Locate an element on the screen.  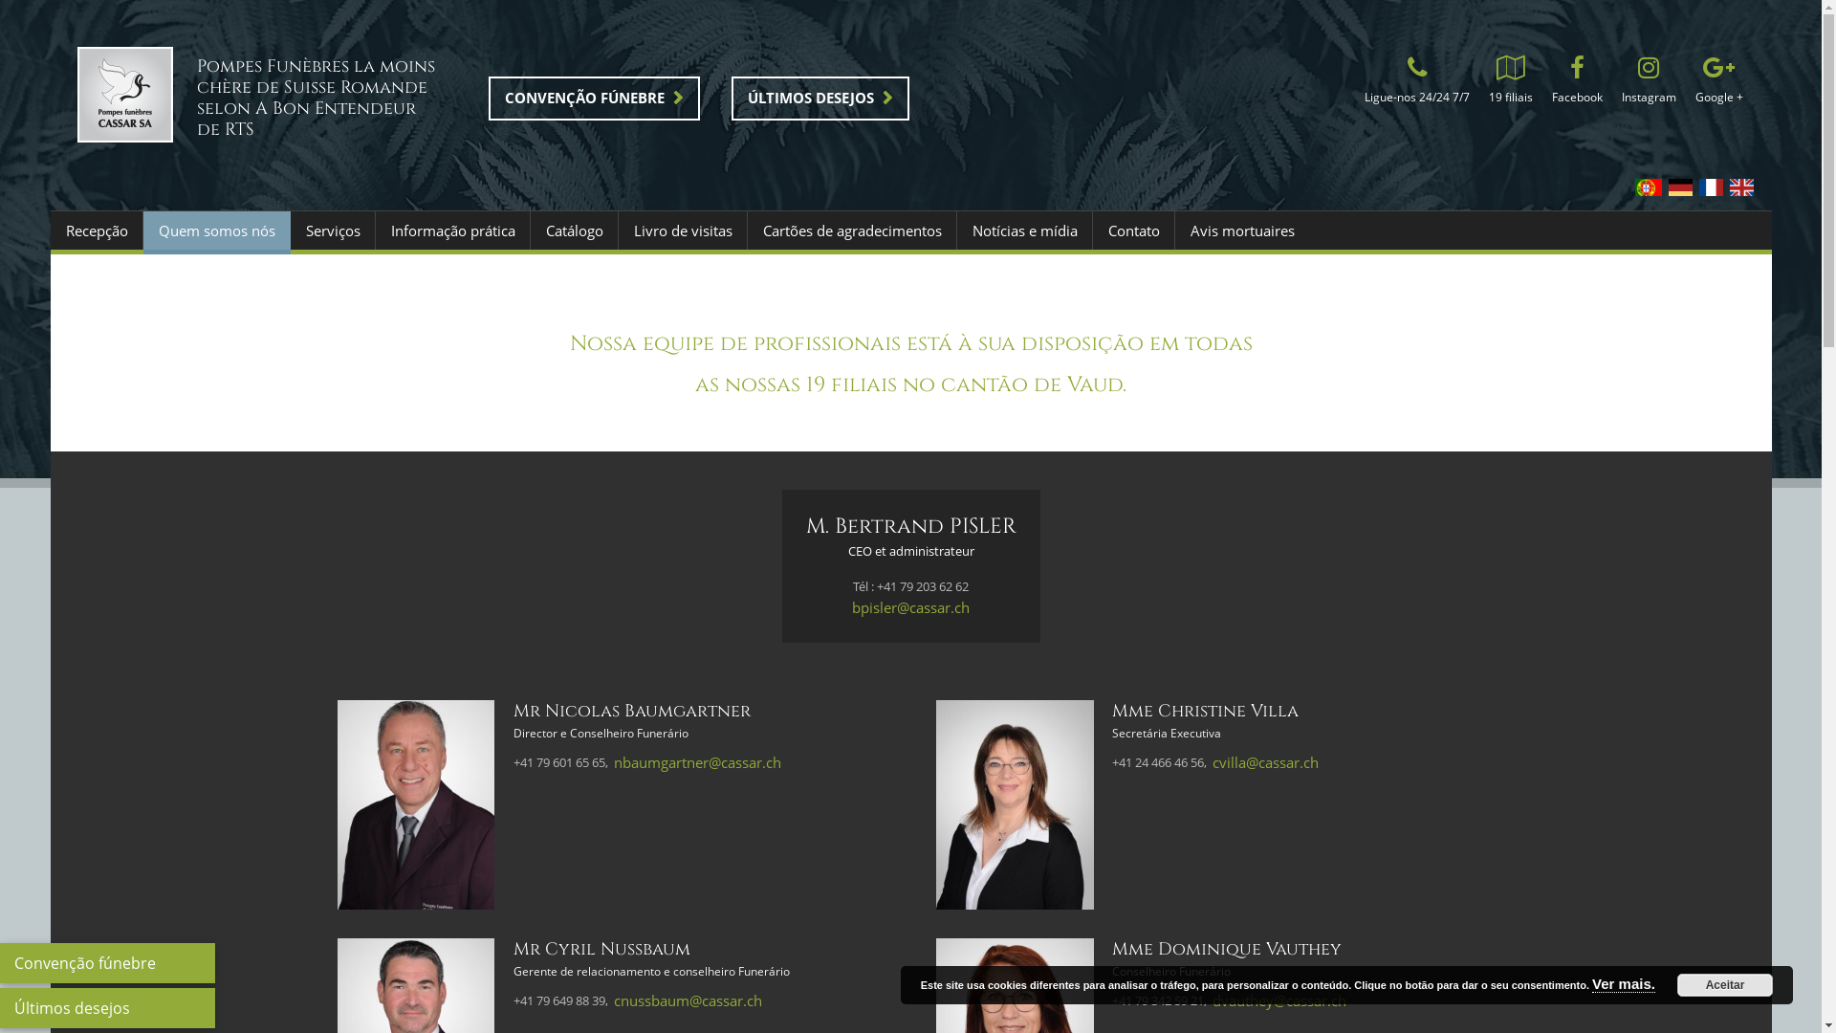
'Facebook' is located at coordinates (1576, 82).